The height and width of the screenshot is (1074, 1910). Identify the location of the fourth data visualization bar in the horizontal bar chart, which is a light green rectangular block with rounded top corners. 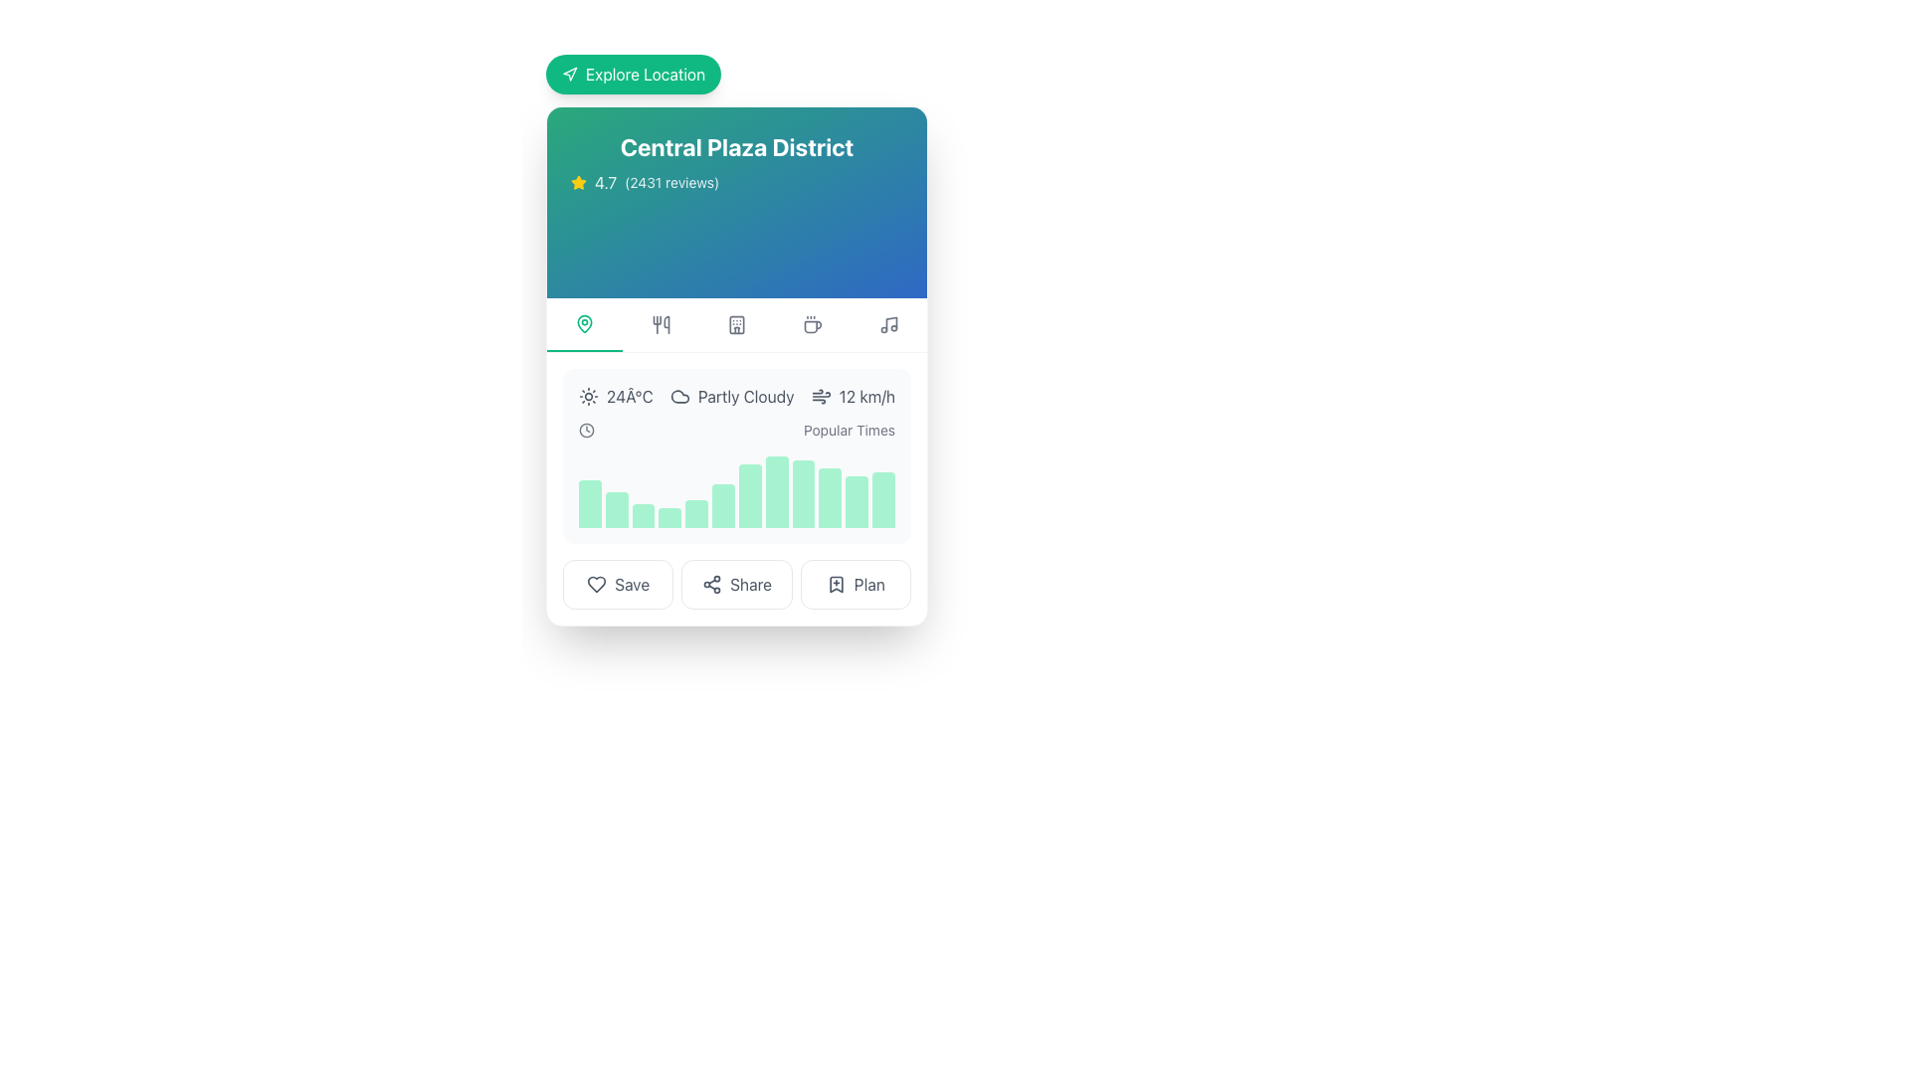
(669, 516).